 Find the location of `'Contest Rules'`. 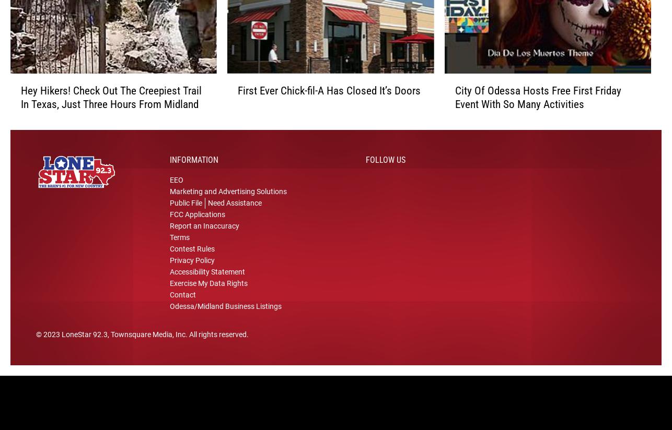

'Contest Rules' is located at coordinates (192, 257).